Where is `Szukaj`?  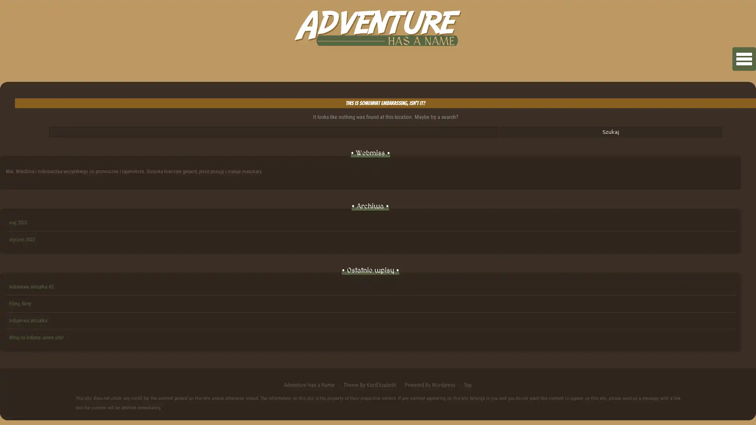 Szukaj is located at coordinates (610, 131).